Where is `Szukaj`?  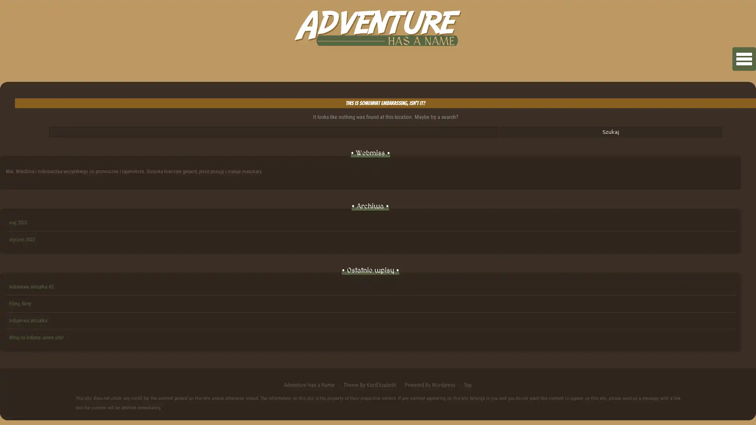 Szukaj is located at coordinates (610, 131).